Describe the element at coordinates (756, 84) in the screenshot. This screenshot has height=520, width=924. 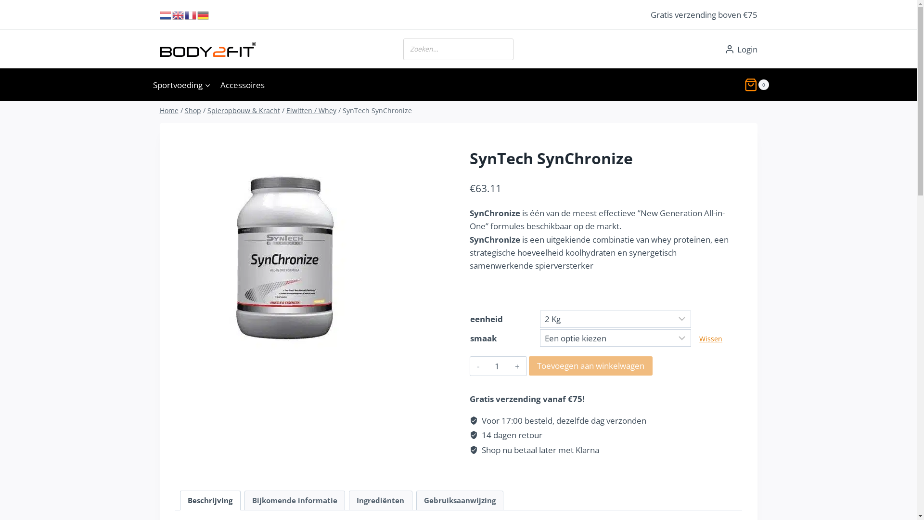
I see `'0'` at that location.